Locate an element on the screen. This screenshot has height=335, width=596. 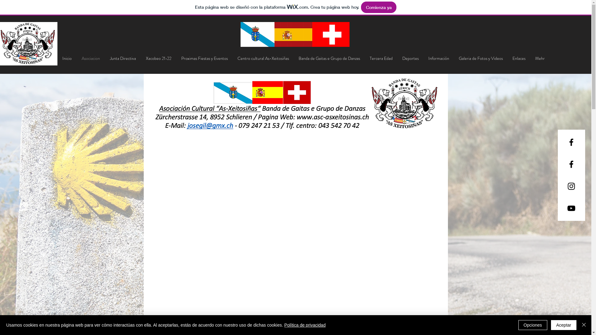
'Galeria de Fotos y Videos' is located at coordinates (480, 58).